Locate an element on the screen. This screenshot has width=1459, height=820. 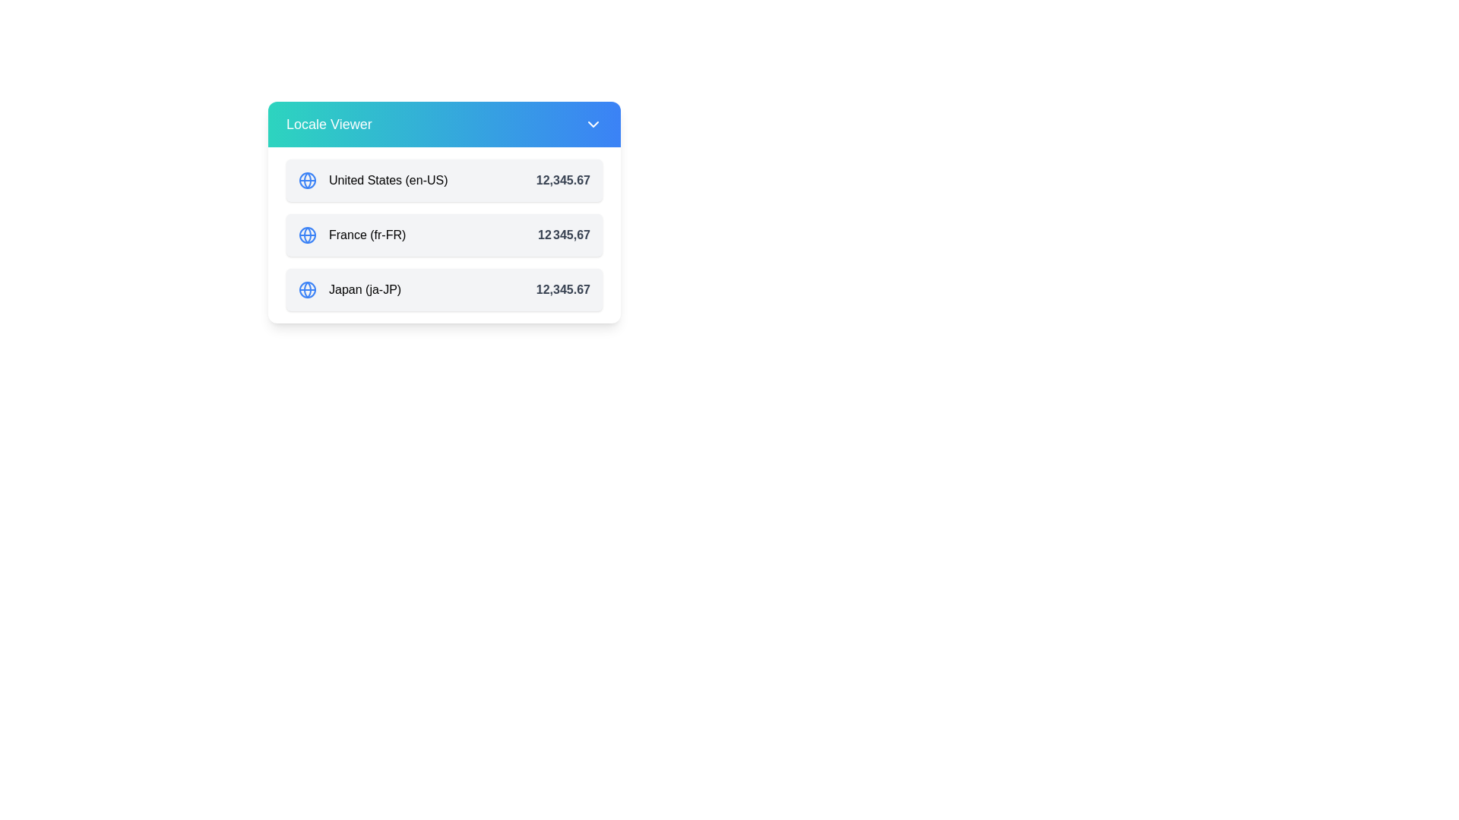
the plain text label displaying 'United States (en-US)' which is adjacent to a blue globe icon in the 'Locale Viewer' section of the interface is located at coordinates (388, 180).